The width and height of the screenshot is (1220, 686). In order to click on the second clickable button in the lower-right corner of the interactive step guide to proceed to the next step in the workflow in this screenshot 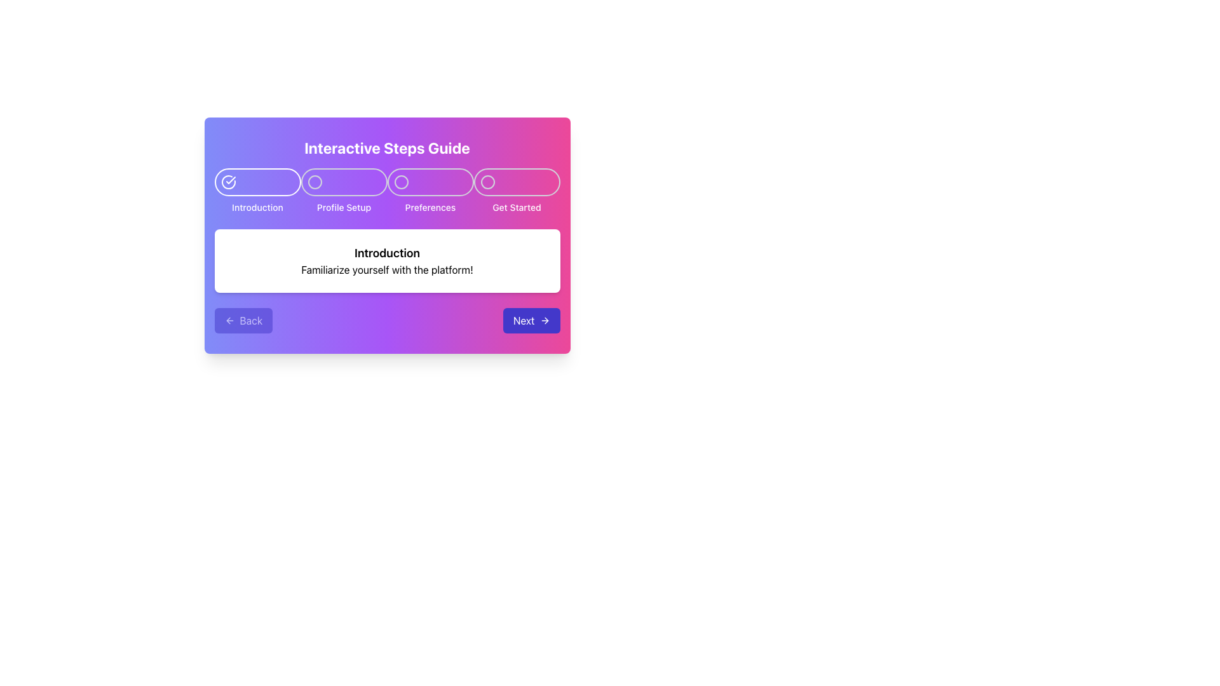, I will do `click(531, 320)`.